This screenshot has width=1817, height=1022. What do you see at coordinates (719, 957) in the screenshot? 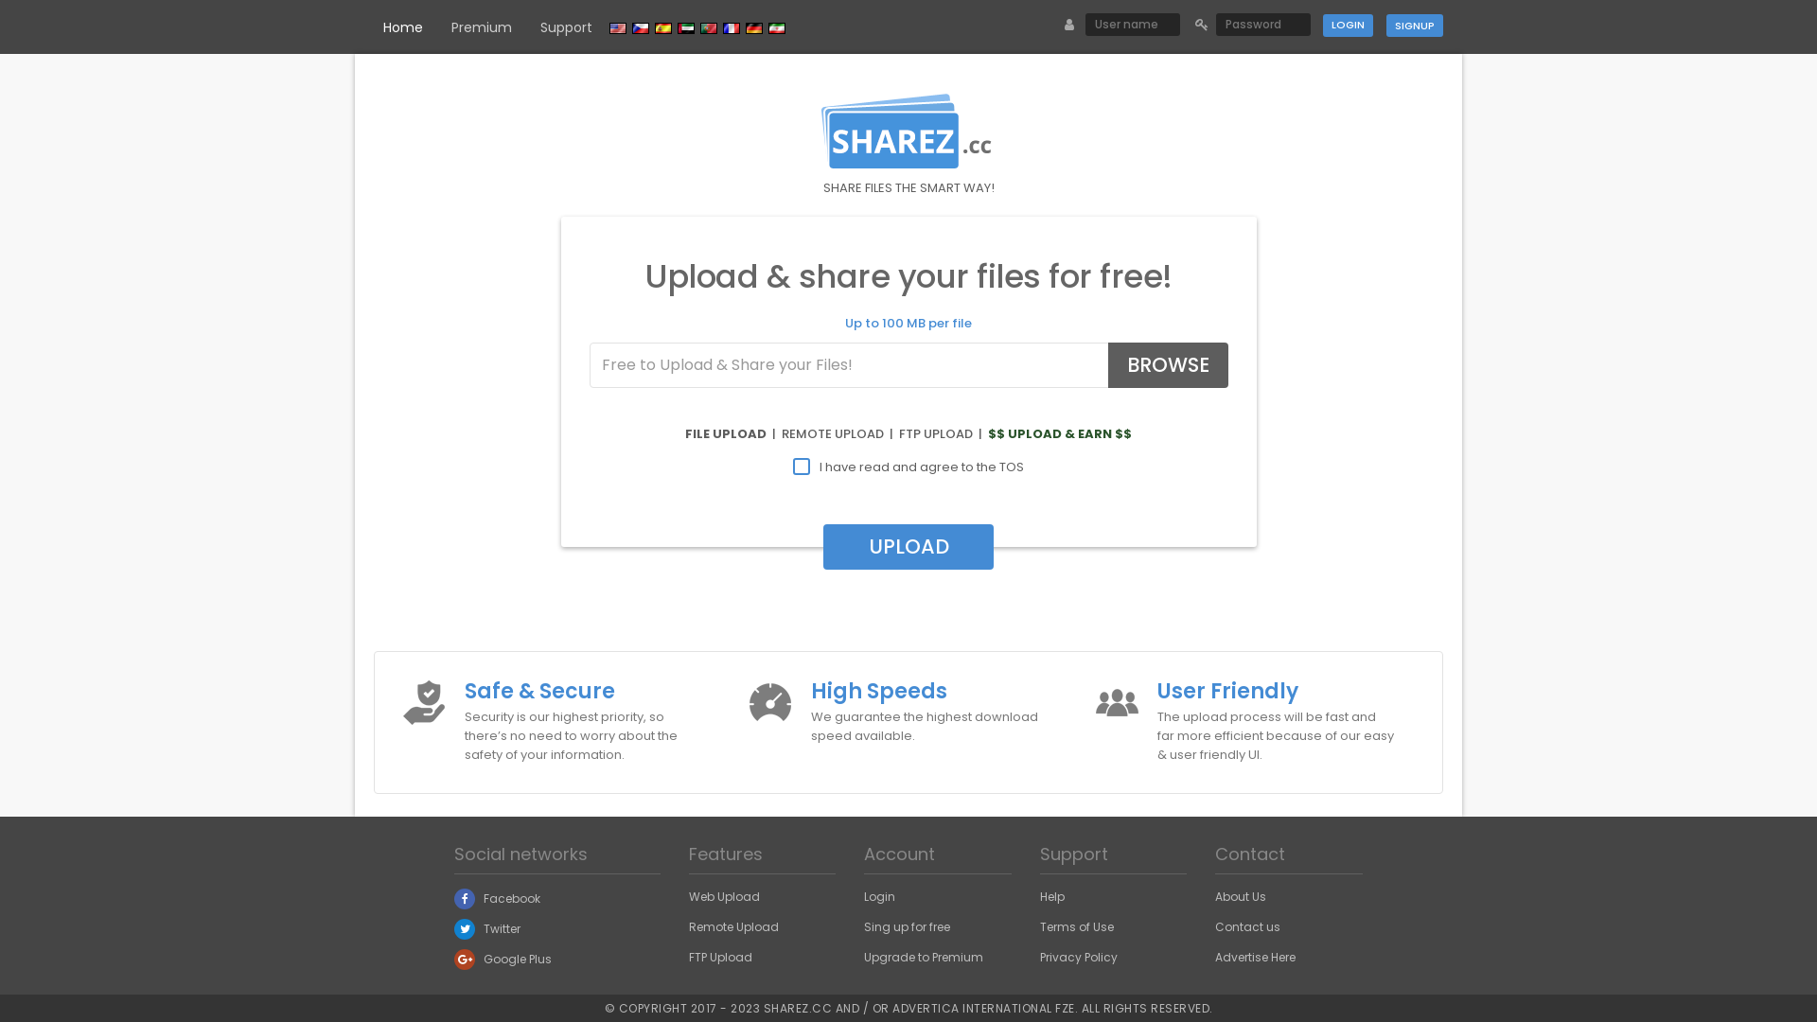
I see `'FTP Upload'` at bounding box center [719, 957].